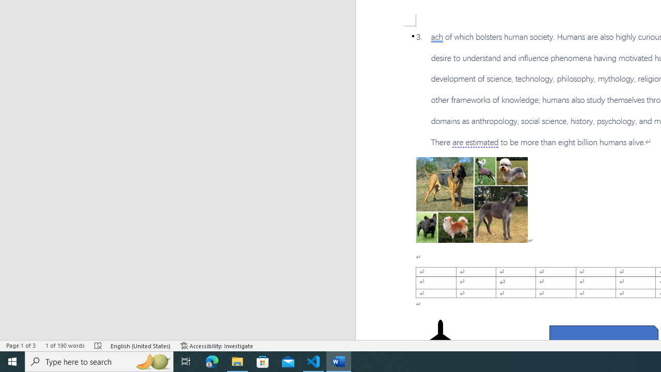 Image resolution: width=661 pixels, height=372 pixels. I want to click on 'Airplane with solid fill', so click(440, 340).